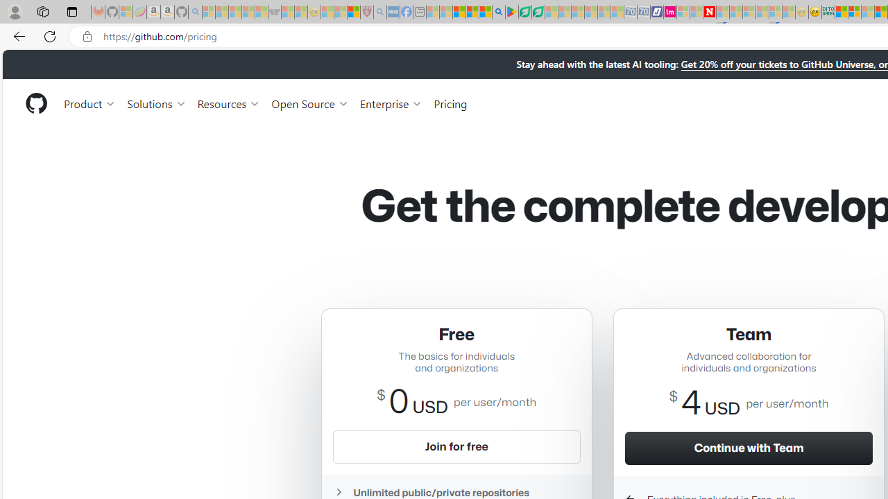 The width and height of the screenshot is (888, 499). I want to click on 'Join for free', so click(456, 446).